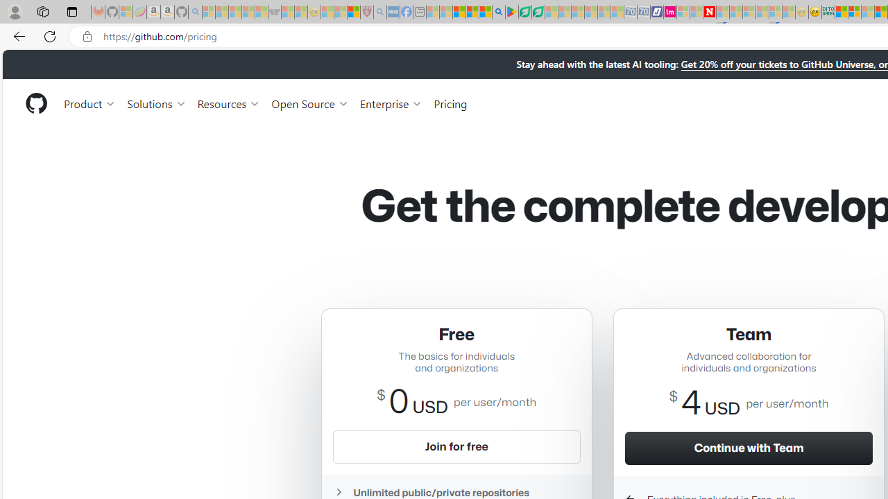 The width and height of the screenshot is (888, 499). I want to click on 'Join for free', so click(456, 446).